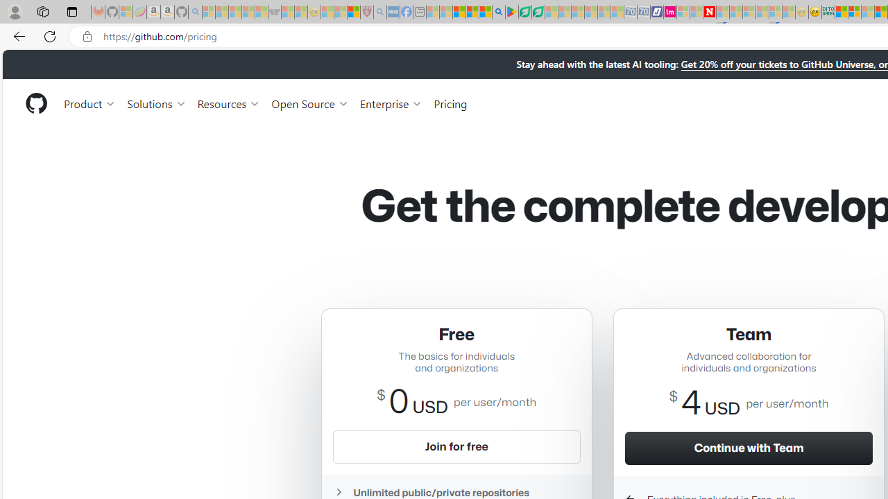 The width and height of the screenshot is (888, 499). I want to click on 'Join for free', so click(456, 446).